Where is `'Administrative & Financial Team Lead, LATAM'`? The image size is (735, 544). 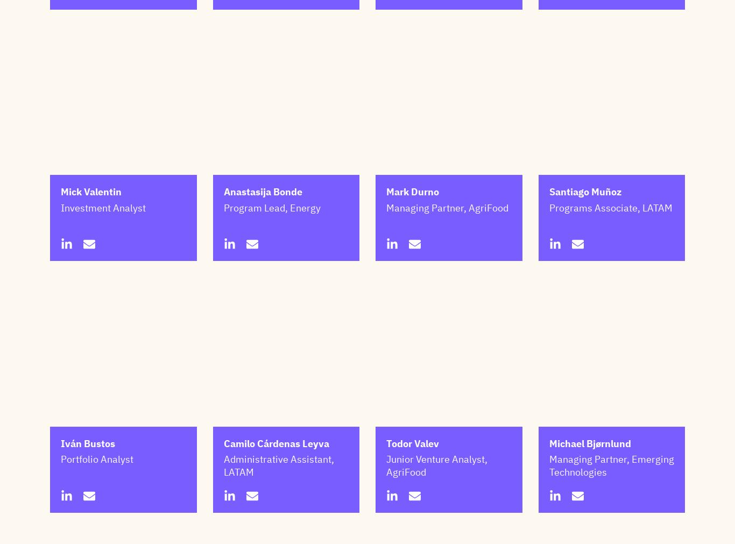
'Administrative & Financial Team Lead, LATAM' is located at coordinates (386, 16).